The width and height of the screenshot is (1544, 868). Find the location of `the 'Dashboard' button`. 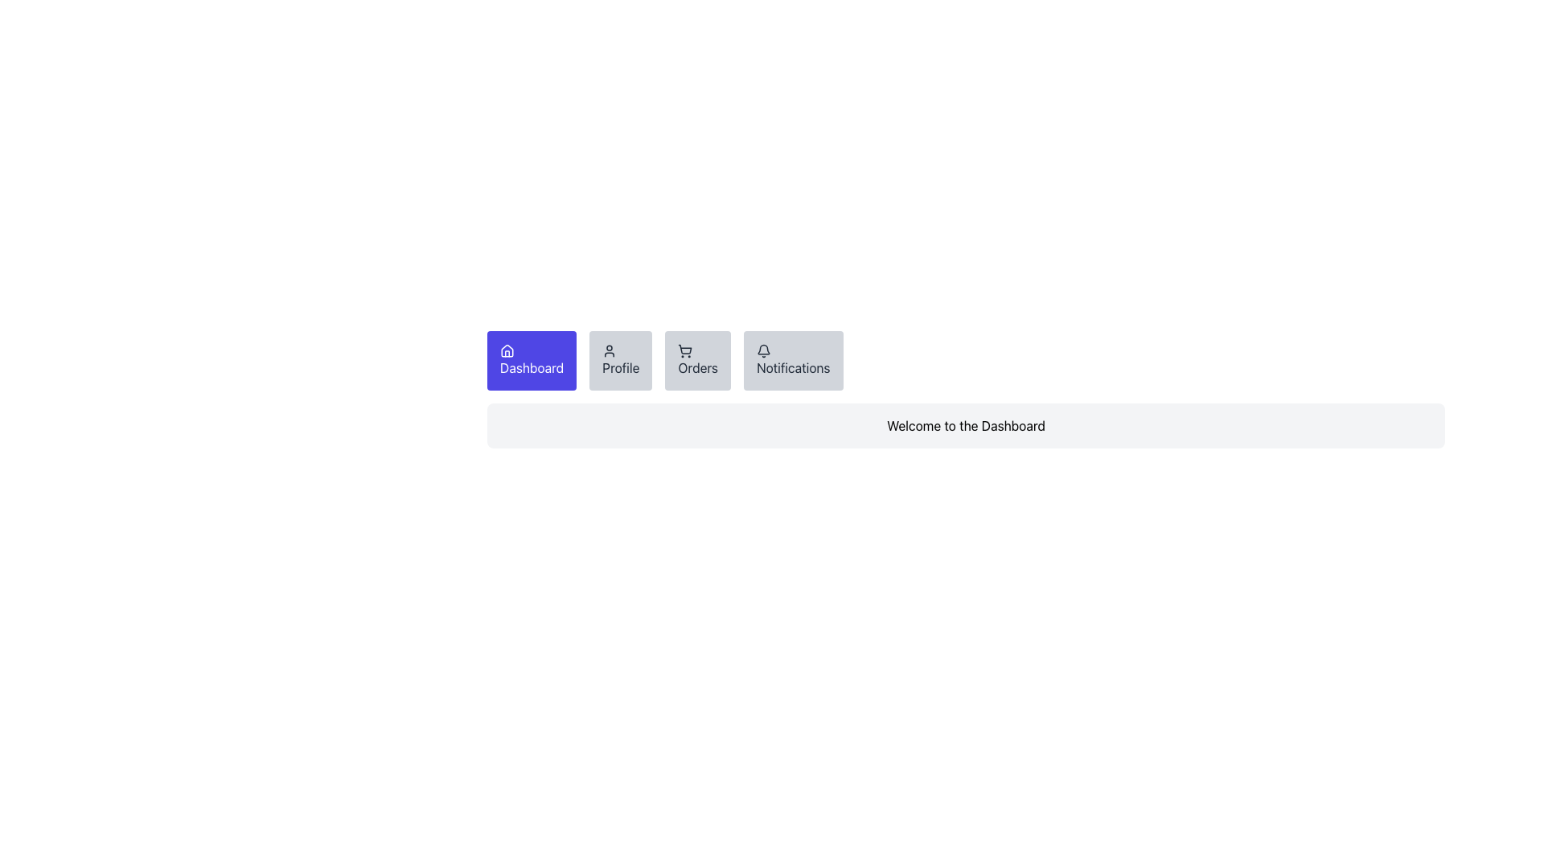

the 'Dashboard' button is located at coordinates (532, 359).